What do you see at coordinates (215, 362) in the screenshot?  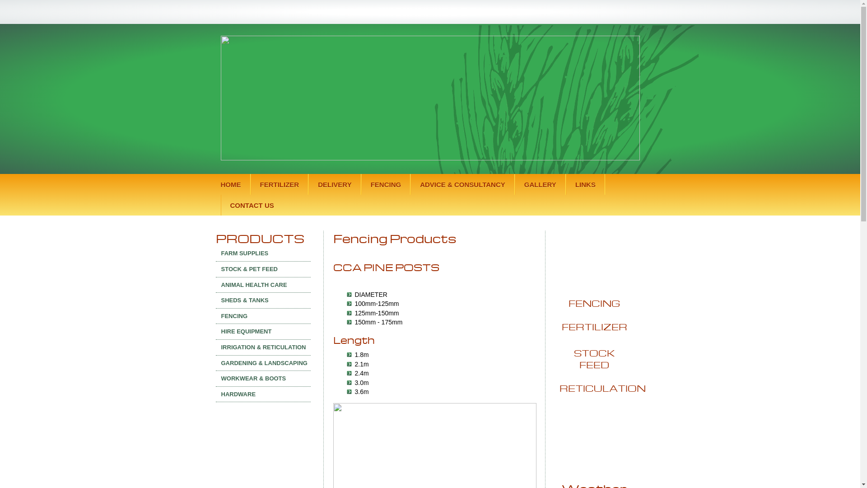 I see `'GARDENING & LANDSCAPING'` at bounding box center [215, 362].